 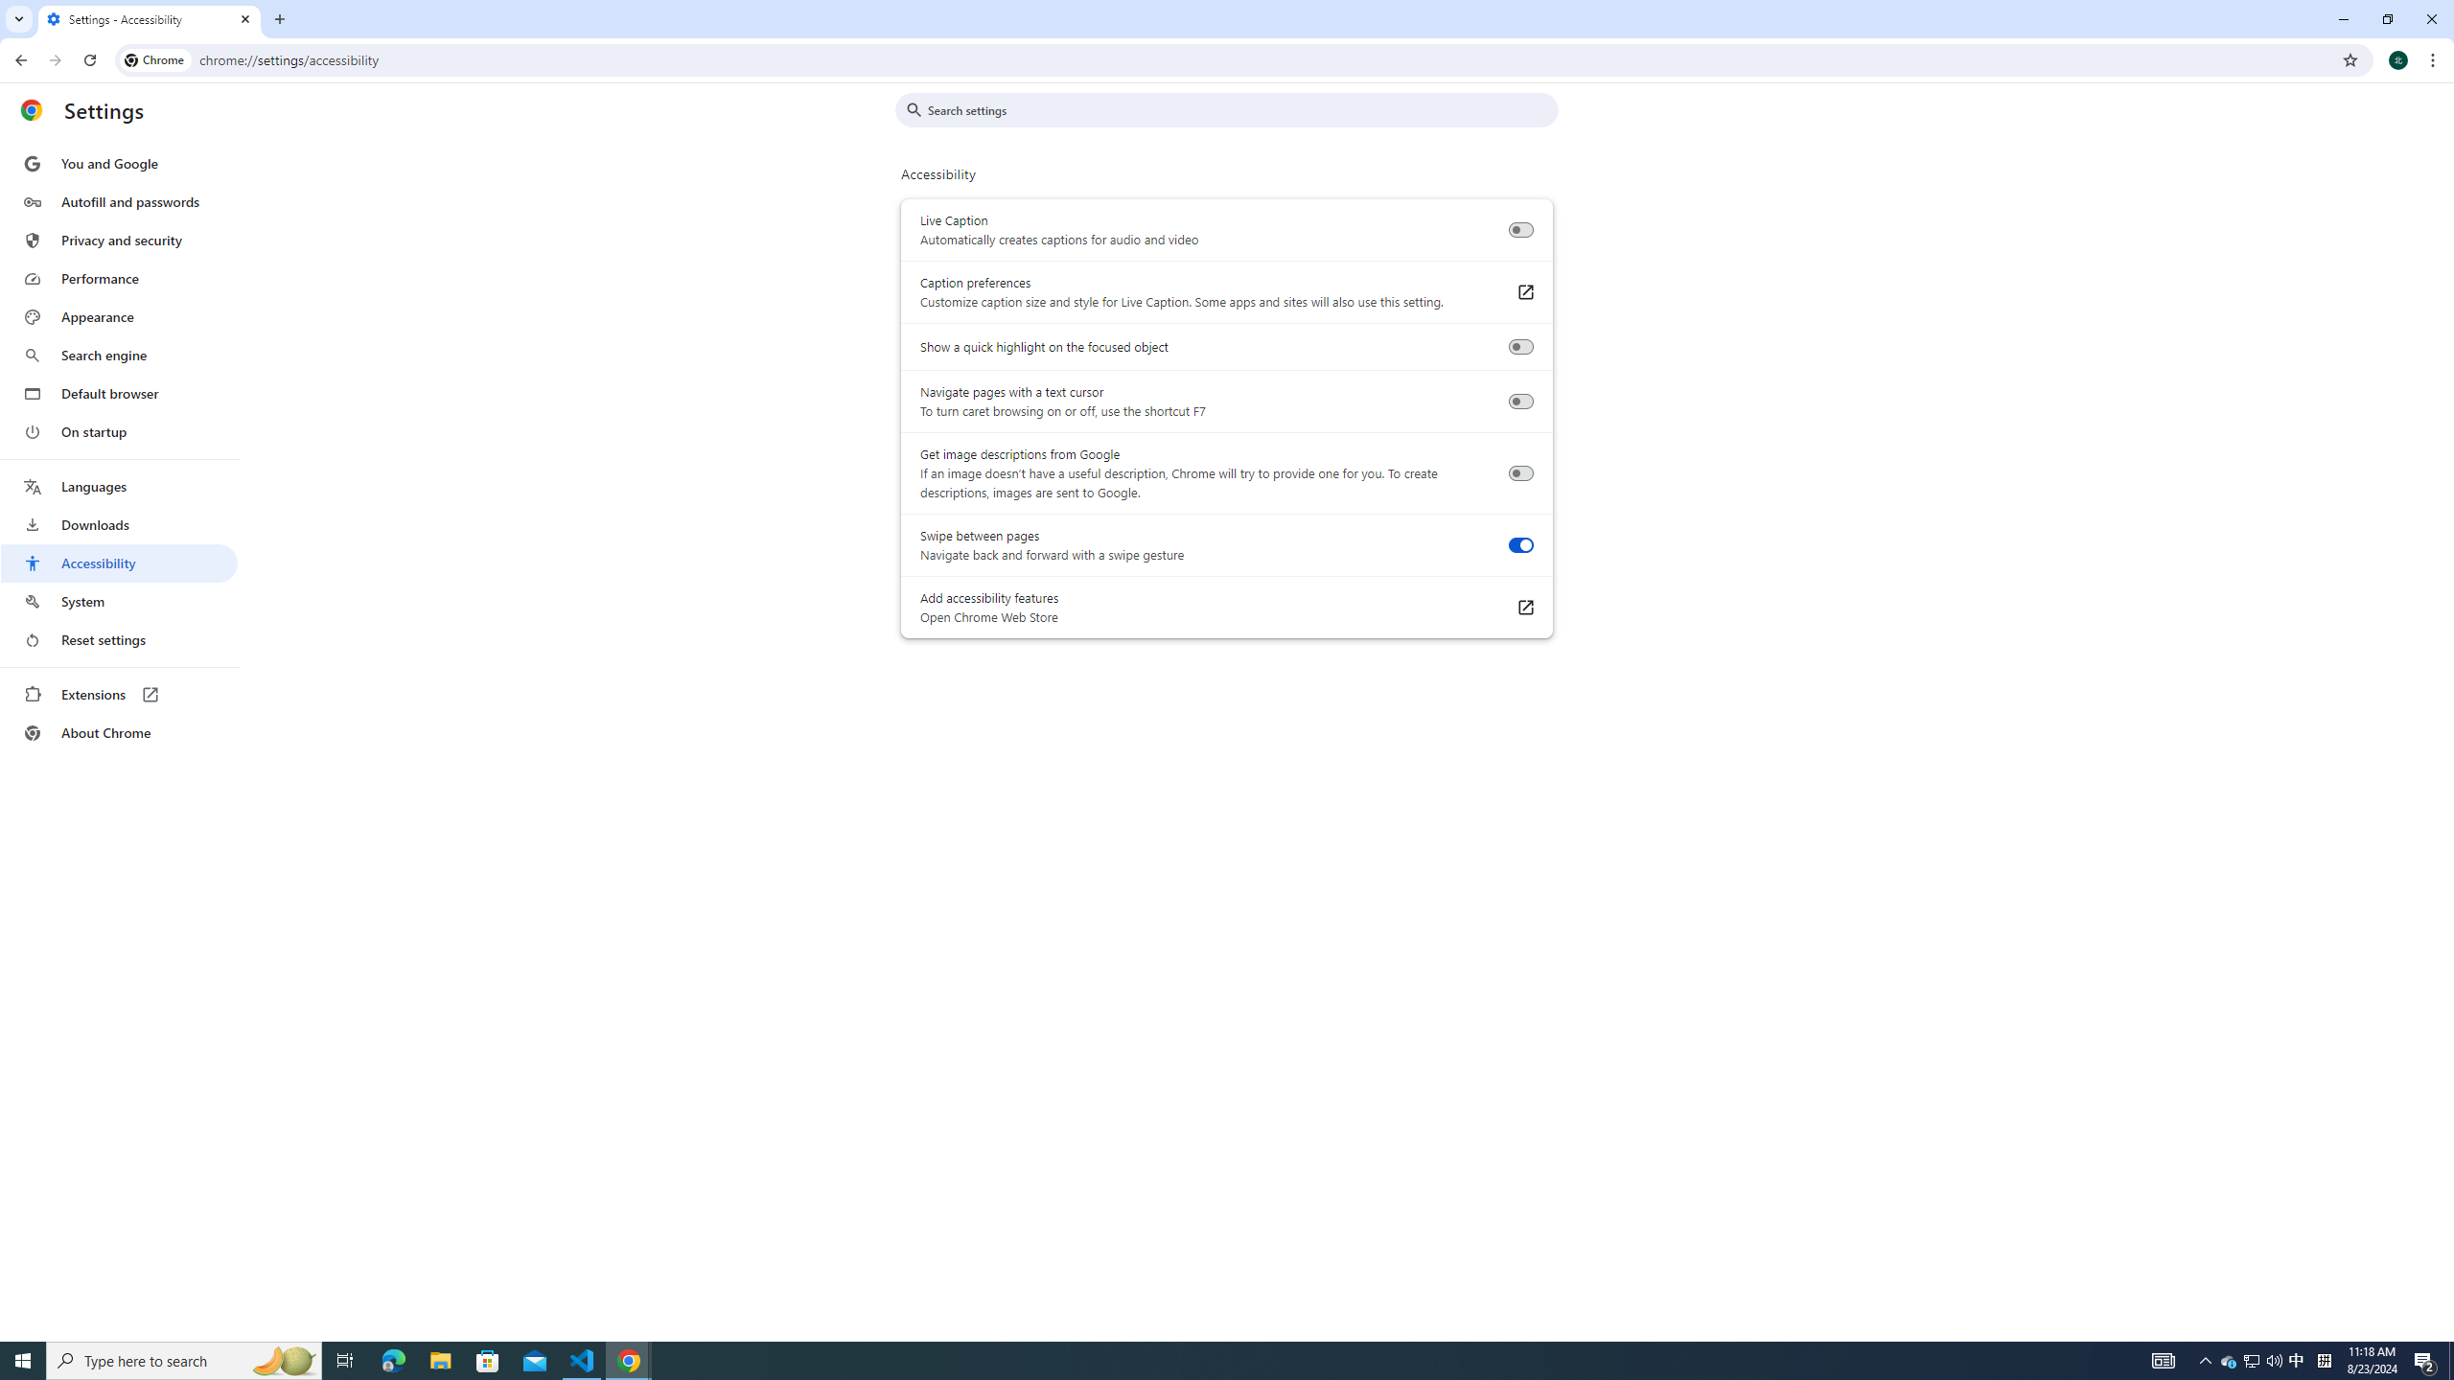 I want to click on 'Settings - Accessibility', so click(x=149, y=18).